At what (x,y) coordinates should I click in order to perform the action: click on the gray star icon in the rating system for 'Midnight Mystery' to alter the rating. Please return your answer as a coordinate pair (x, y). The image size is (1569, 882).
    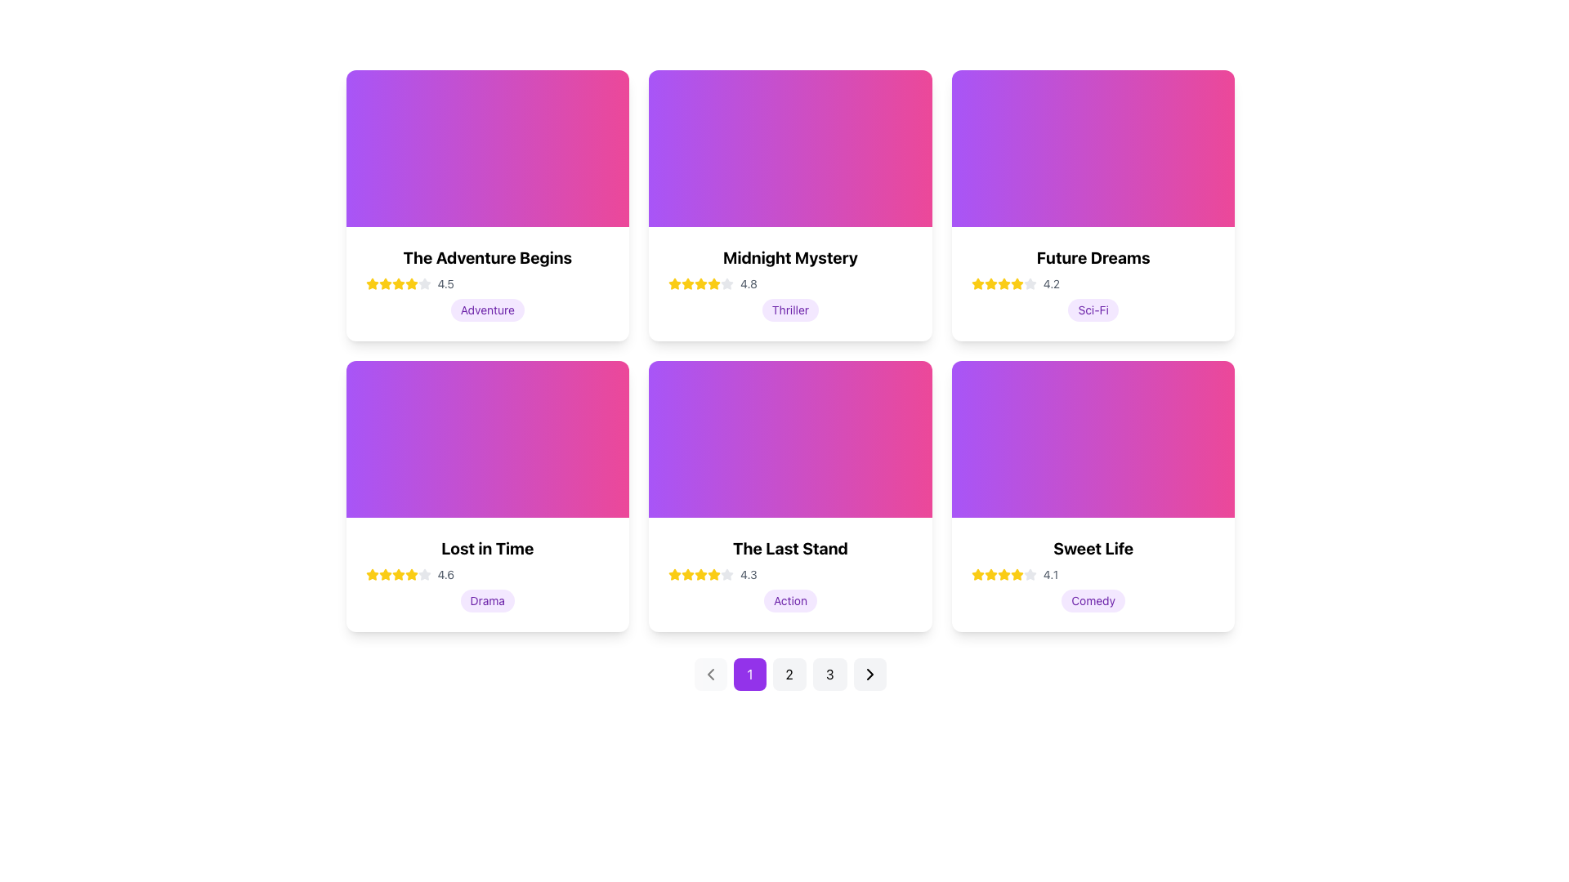
    Looking at the image, I should click on (726, 283).